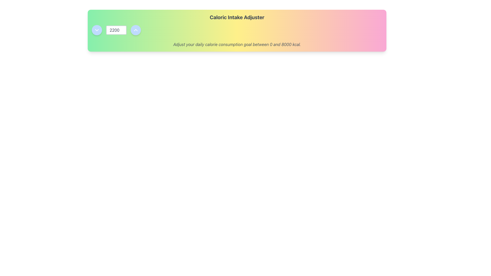 This screenshot has height=276, width=491. Describe the element at coordinates (97, 30) in the screenshot. I see `the leftmost button that decreases the numerical value next to the input field displaying 2200 to observe the hover effect` at that location.